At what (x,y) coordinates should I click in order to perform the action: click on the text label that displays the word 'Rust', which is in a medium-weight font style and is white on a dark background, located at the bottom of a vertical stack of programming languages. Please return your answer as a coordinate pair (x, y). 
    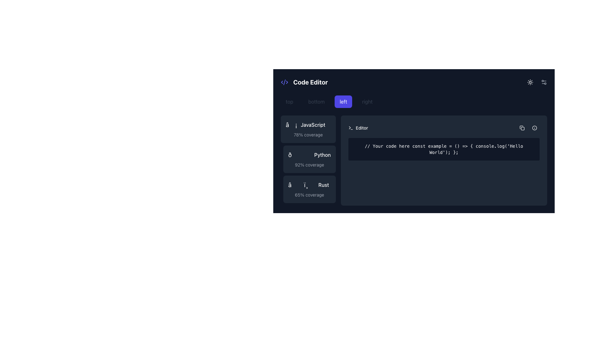
    Looking at the image, I should click on (323, 184).